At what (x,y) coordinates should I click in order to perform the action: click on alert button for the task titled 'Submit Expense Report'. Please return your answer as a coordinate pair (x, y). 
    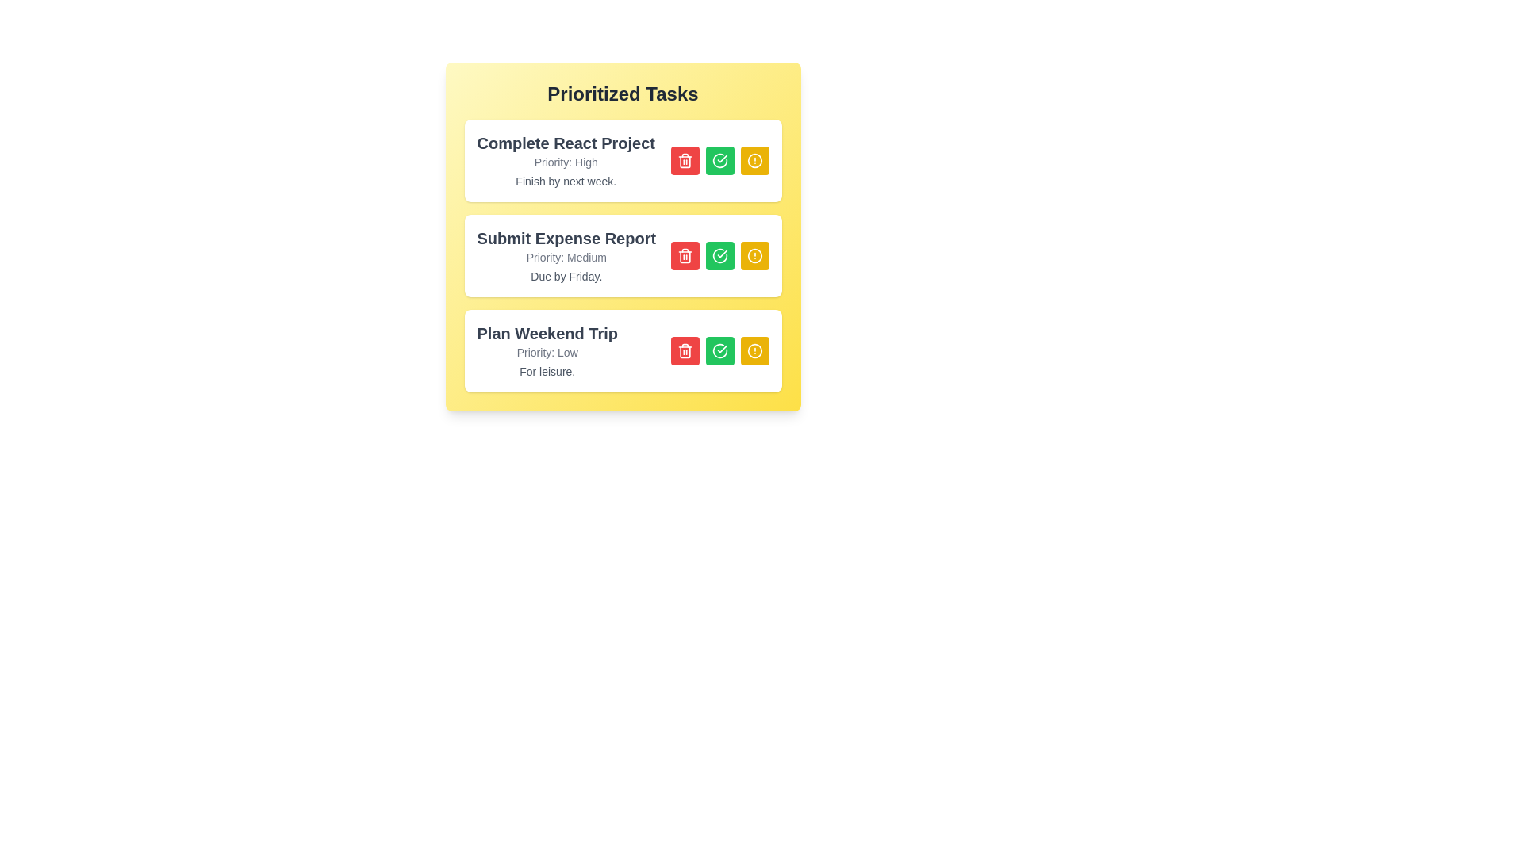
    Looking at the image, I should click on (754, 255).